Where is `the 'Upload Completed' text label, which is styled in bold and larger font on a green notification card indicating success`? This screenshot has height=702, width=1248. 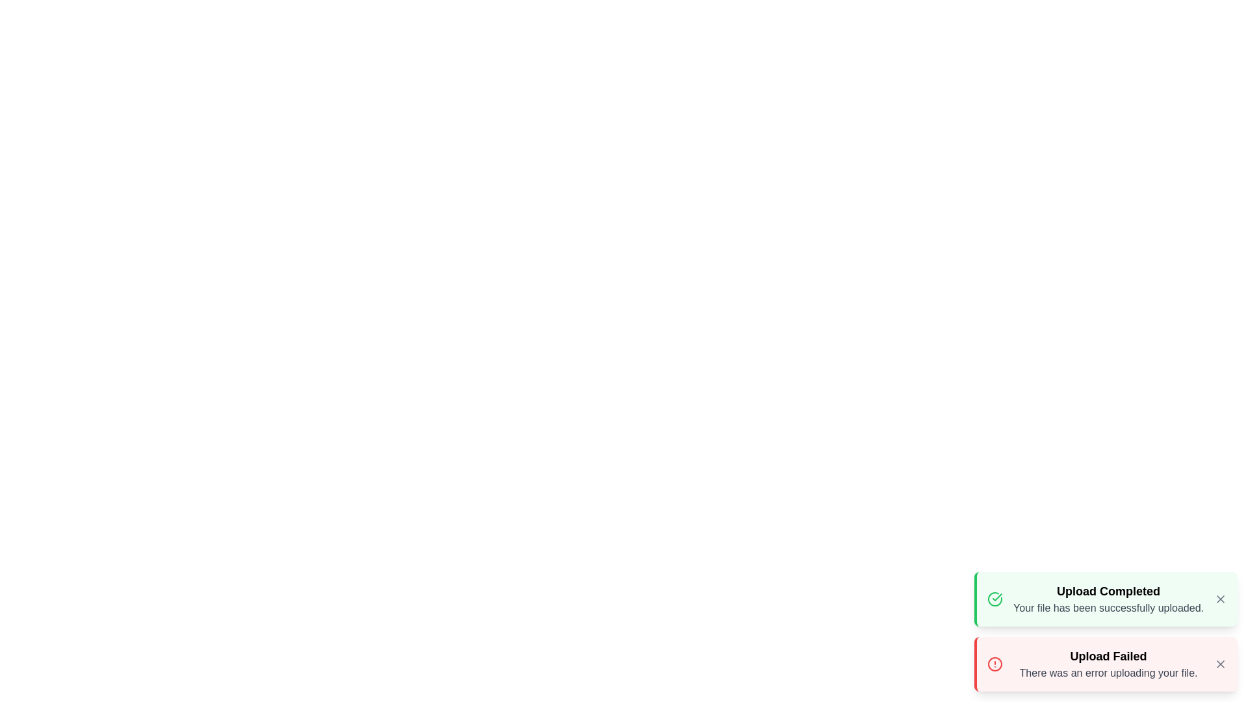
the 'Upload Completed' text label, which is styled in bold and larger font on a green notification card indicating success is located at coordinates (1108, 591).